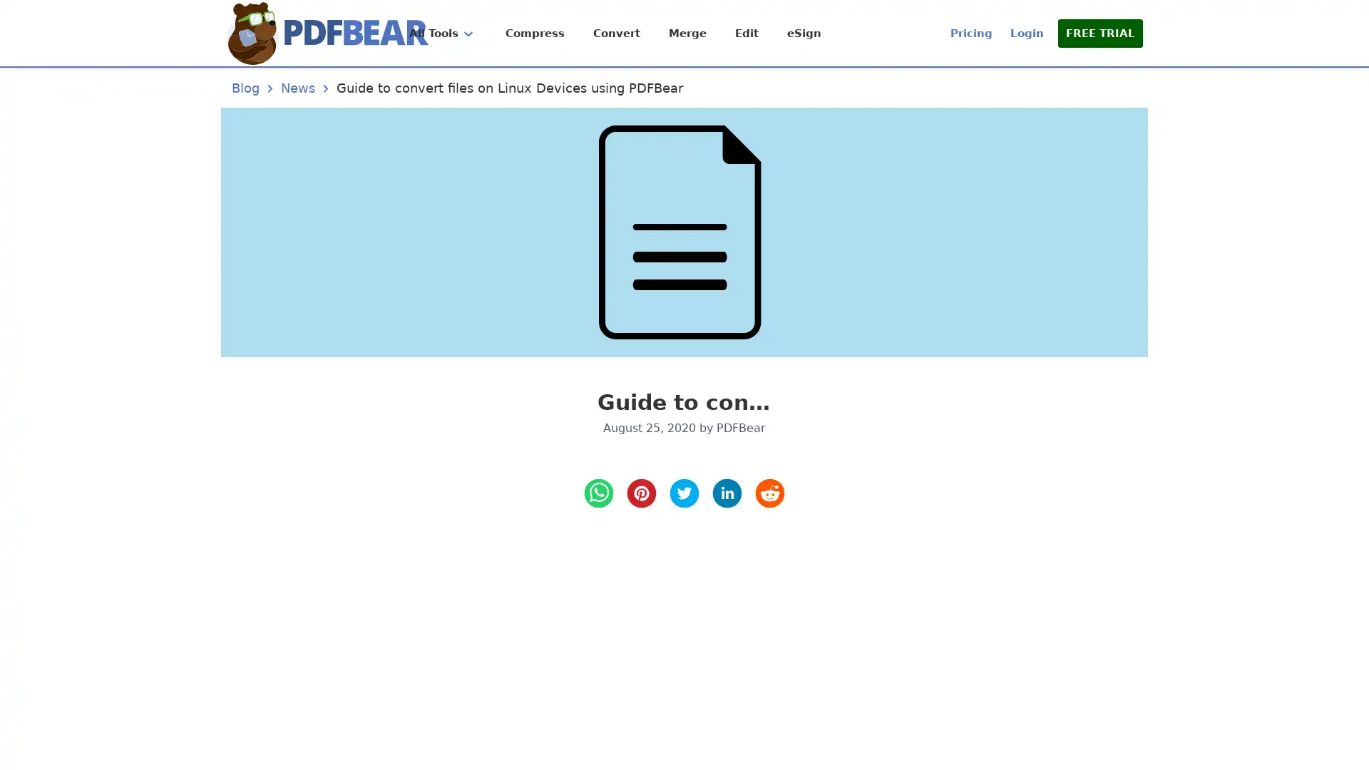  What do you see at coordinates (687, 32) in the screenshot?
I see `Merge` at bounding box center [687, 32].